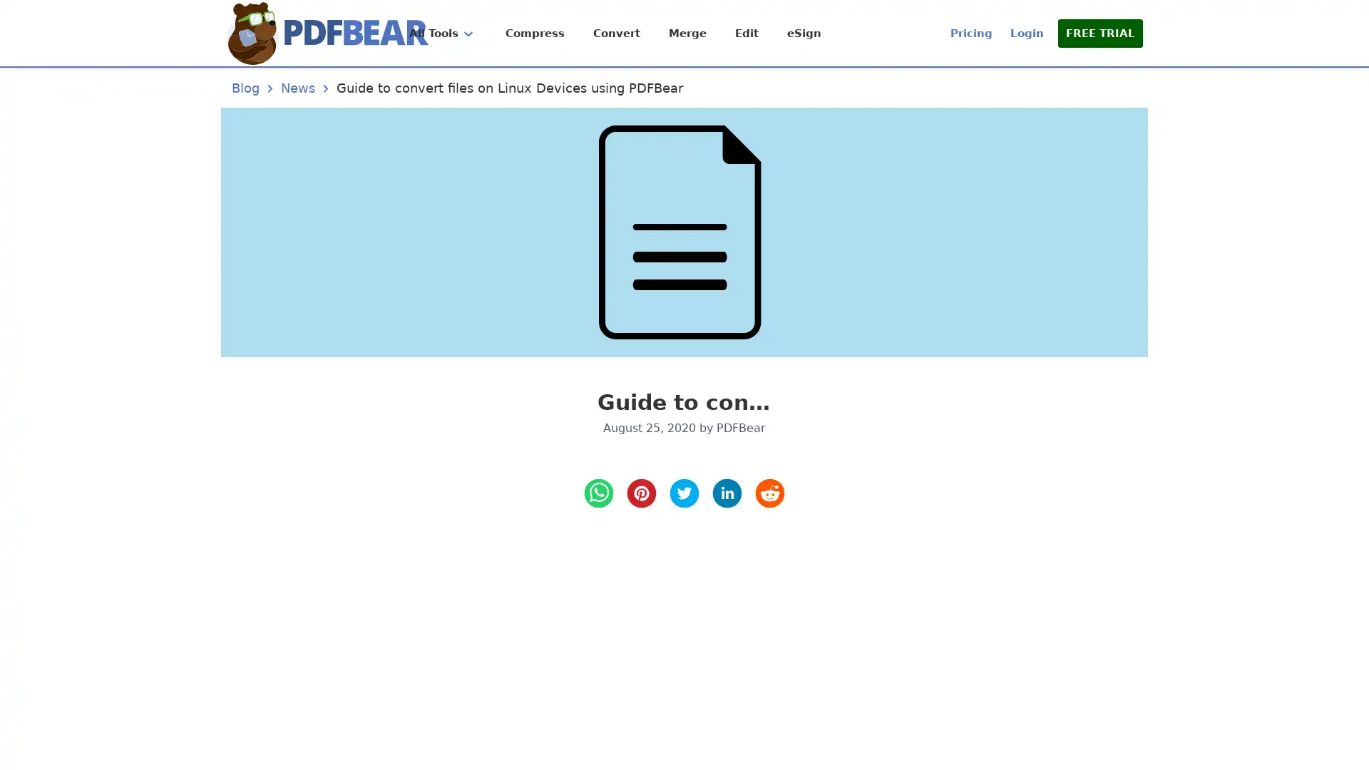  What do you see at coordinates (687, 32) in the screenshot?
I see `Merge` at bounding box center [687, 32].